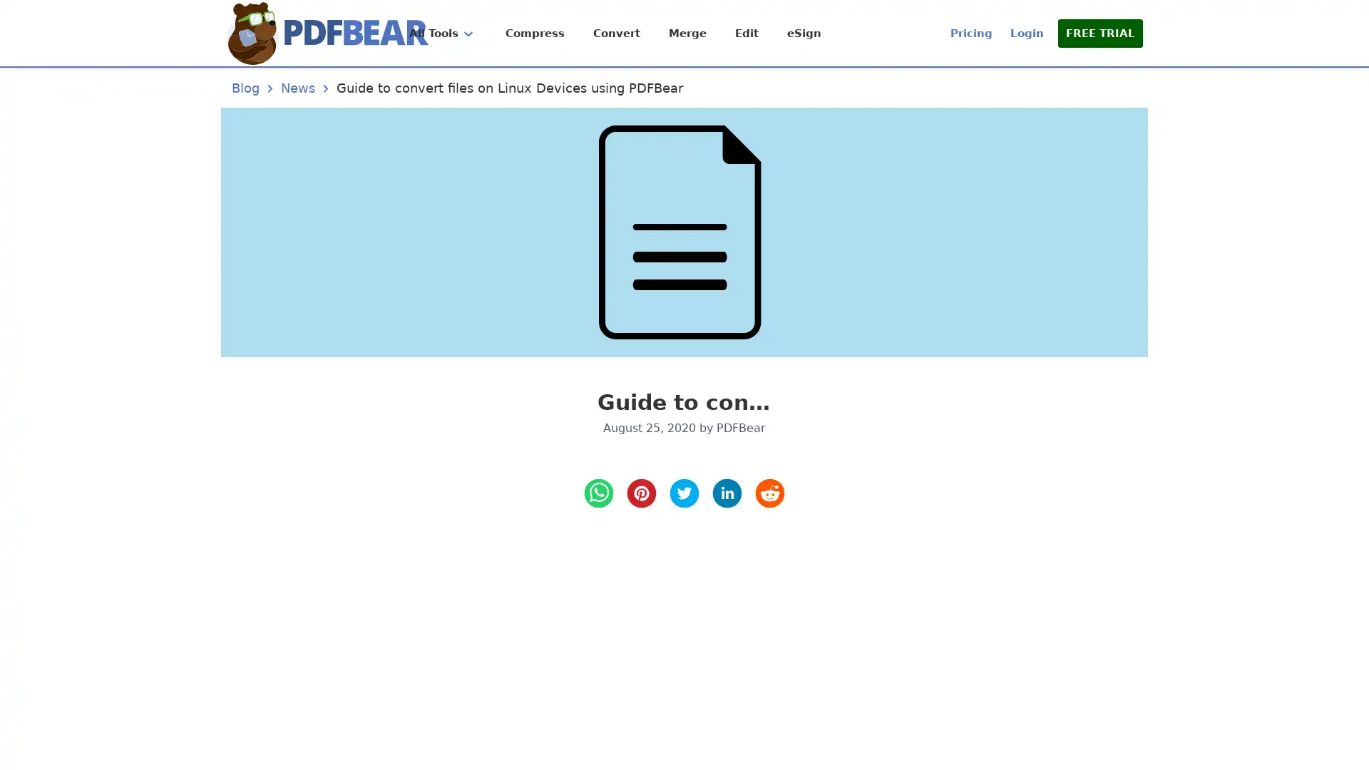  What do you see at coordinates (687, 32) in the screenshot?
I see `Merge` at bounding box center [687, 32].